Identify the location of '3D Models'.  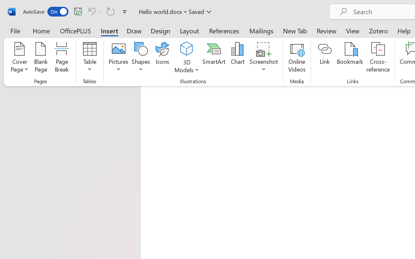
(186, 49).